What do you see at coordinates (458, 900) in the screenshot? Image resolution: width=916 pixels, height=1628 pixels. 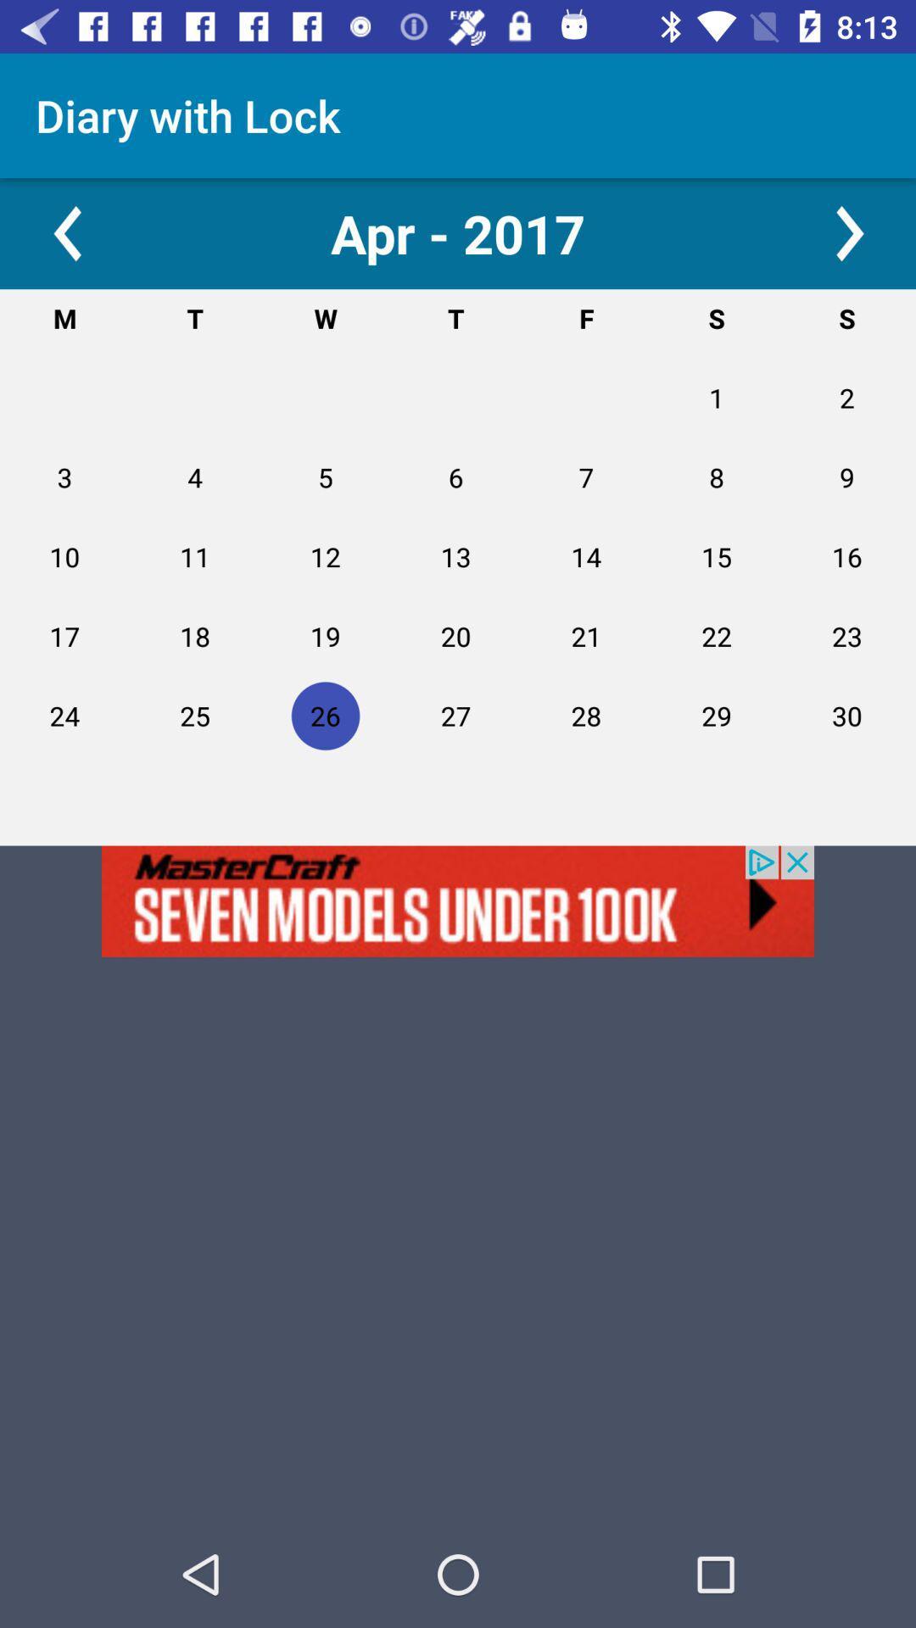 I see `advertisement` at bounding box center [458, 900].